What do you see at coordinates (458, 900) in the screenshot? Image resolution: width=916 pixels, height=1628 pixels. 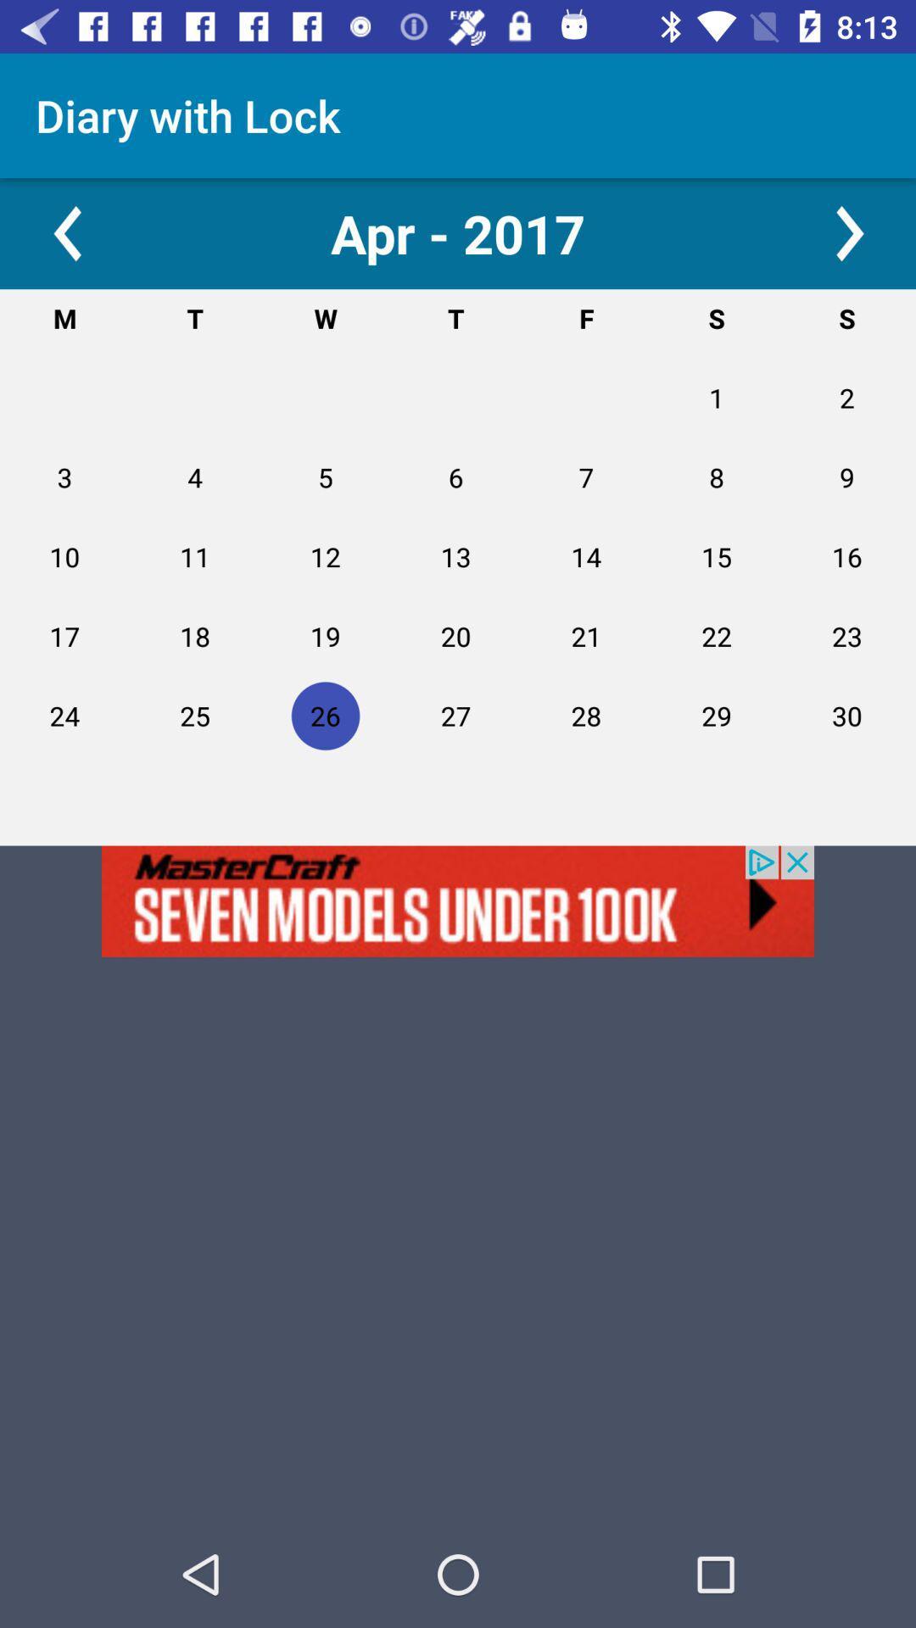 I see `advertisement` at bounding box center [458, 900].